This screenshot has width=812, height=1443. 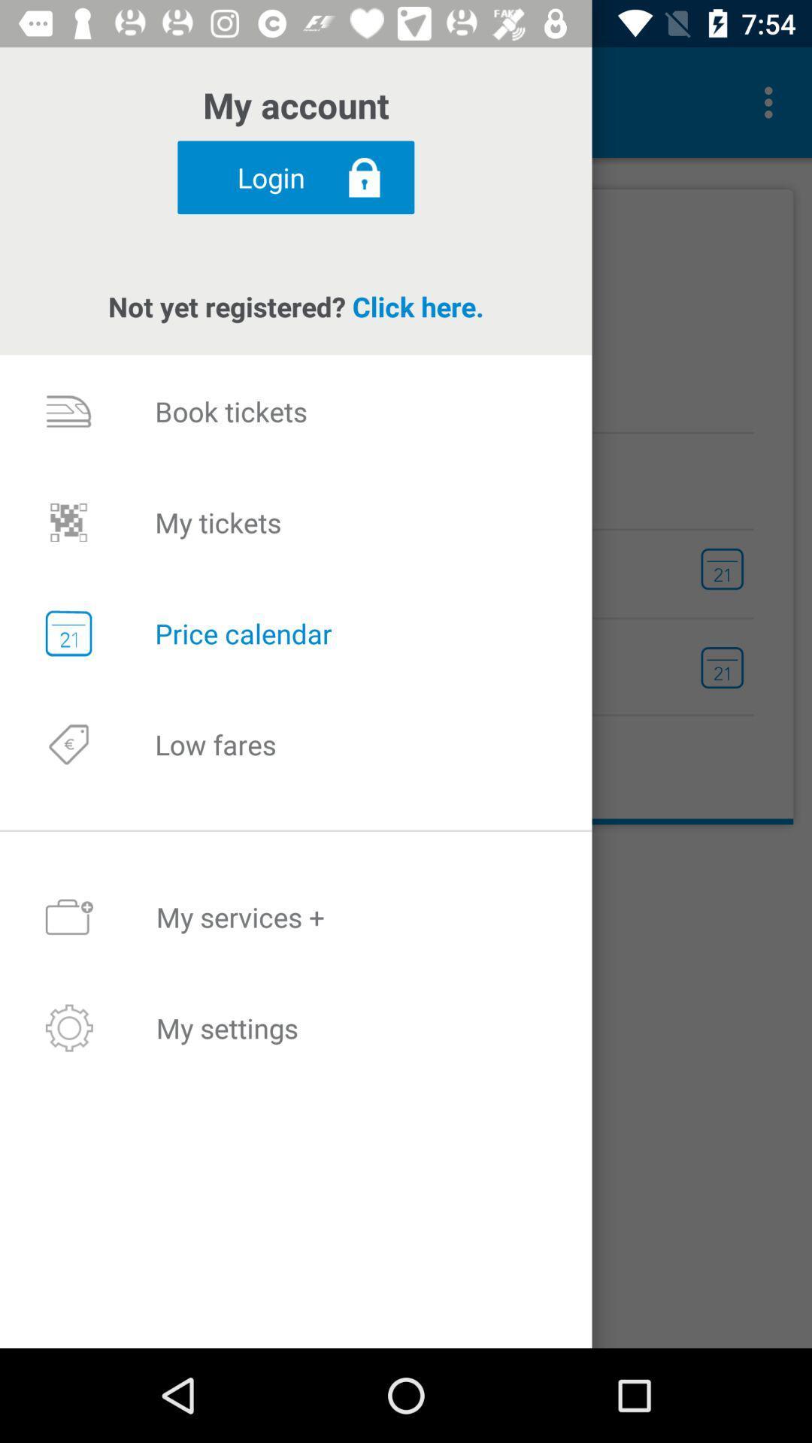 I want to click on login, so click(x=295, y=177).